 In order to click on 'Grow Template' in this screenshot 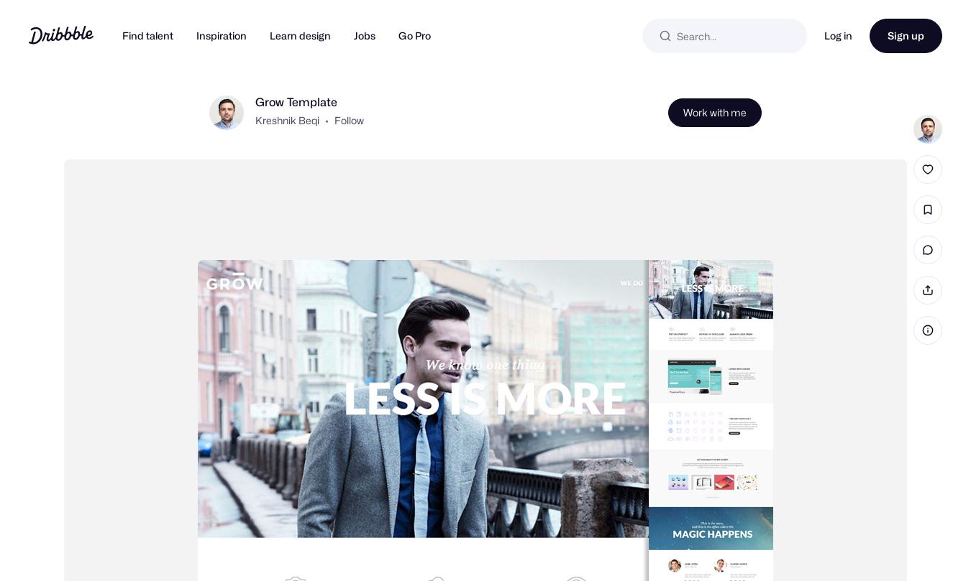, I will do `click(296, 124)`.